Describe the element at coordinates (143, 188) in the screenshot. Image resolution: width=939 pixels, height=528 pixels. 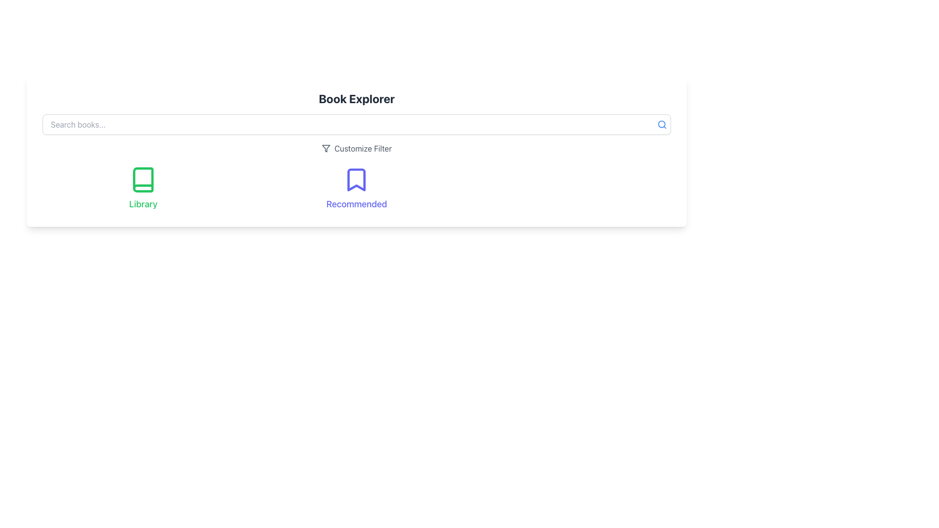
I see `the clickable 'Library' navigation button` at that location.